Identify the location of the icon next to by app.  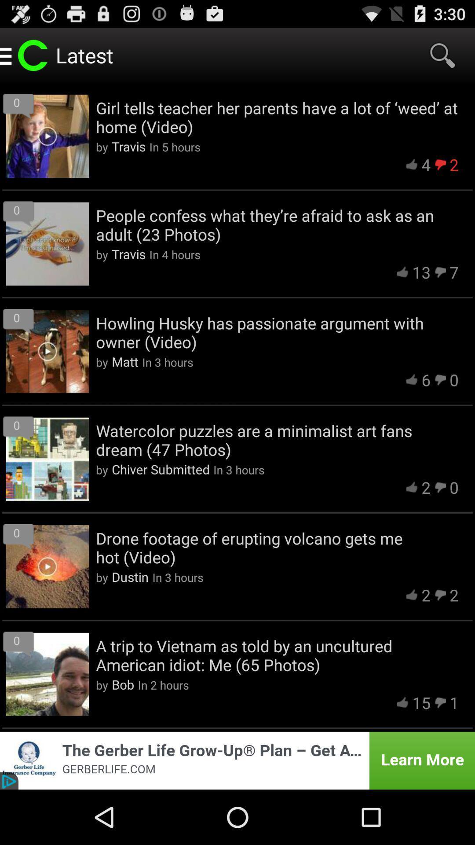
(125, 361).